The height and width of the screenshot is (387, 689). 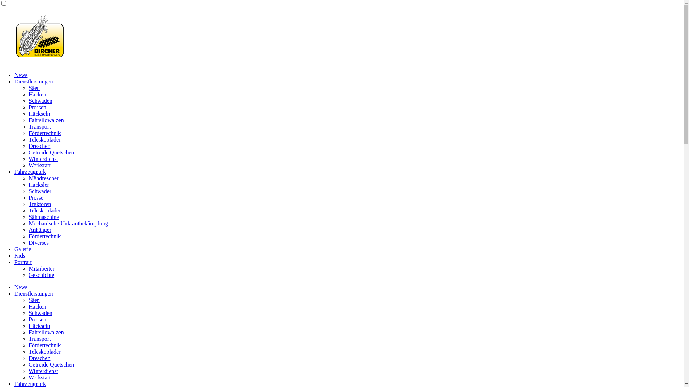 I want to click on 'Winterdienst', so click(x=43, y=158).